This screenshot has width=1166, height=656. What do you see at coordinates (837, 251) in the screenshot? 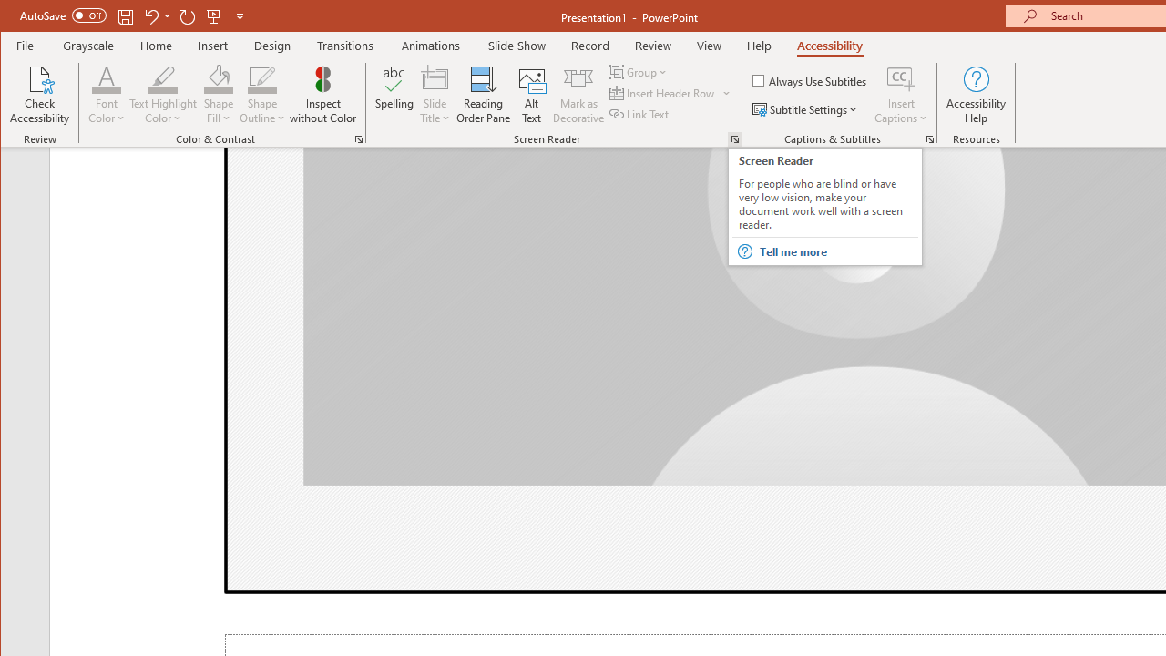
I see `'Tell me more'` at bounding box center [837, 251].